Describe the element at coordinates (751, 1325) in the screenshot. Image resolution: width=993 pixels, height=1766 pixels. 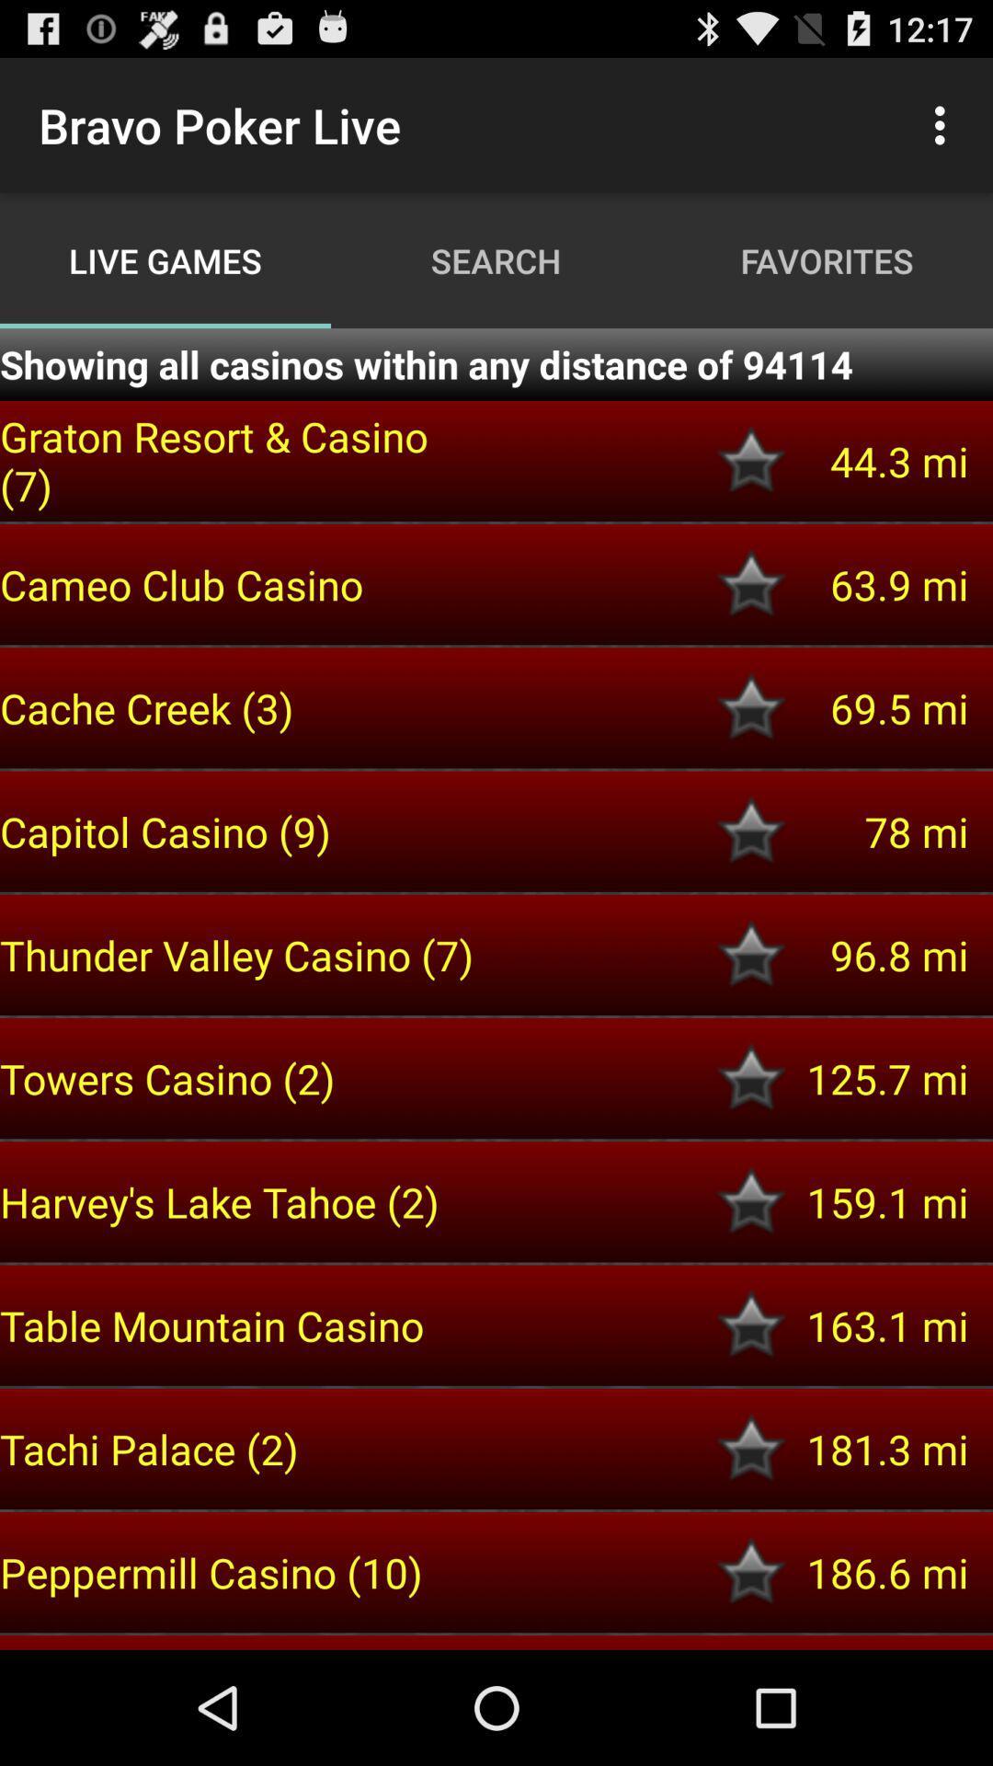
I see `room to favorites` at that location.